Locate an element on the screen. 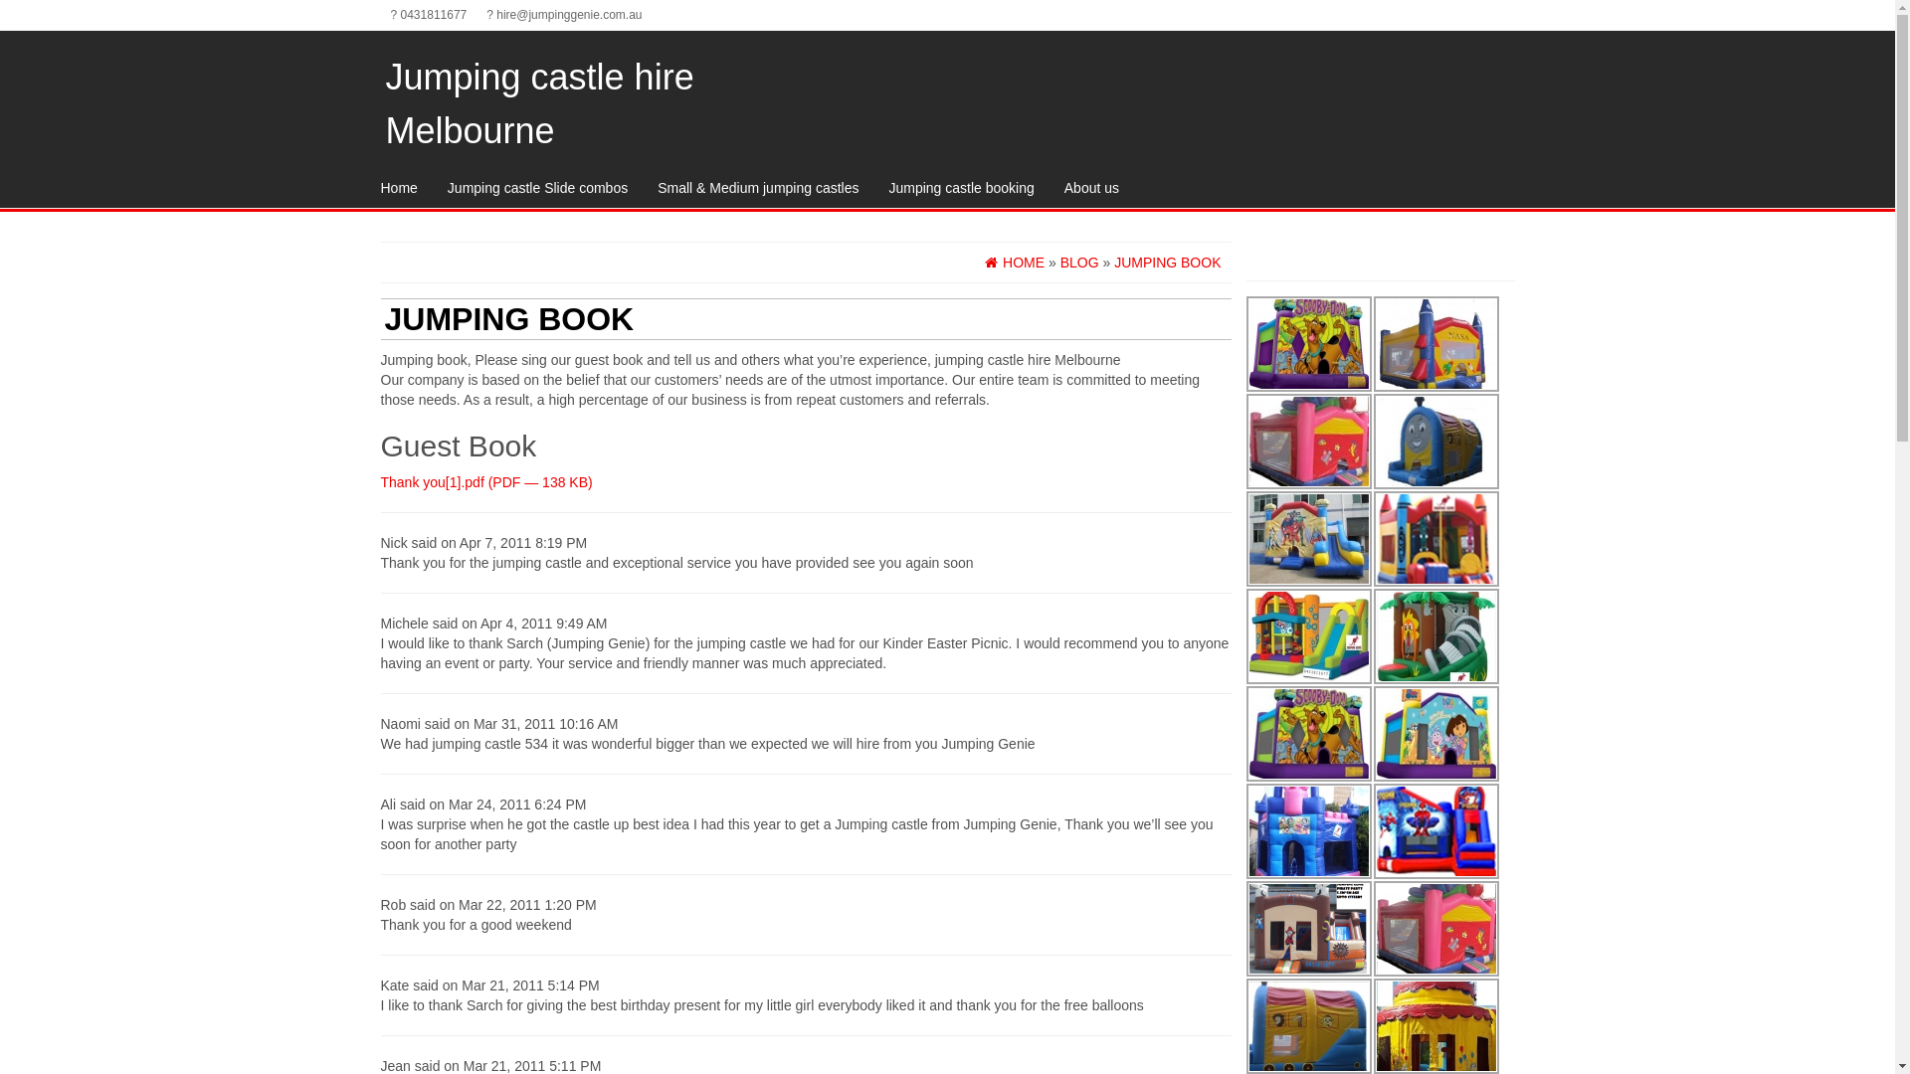 The image size is (1910, 1074). 'HOME' is located at coordinates (1014, 261).